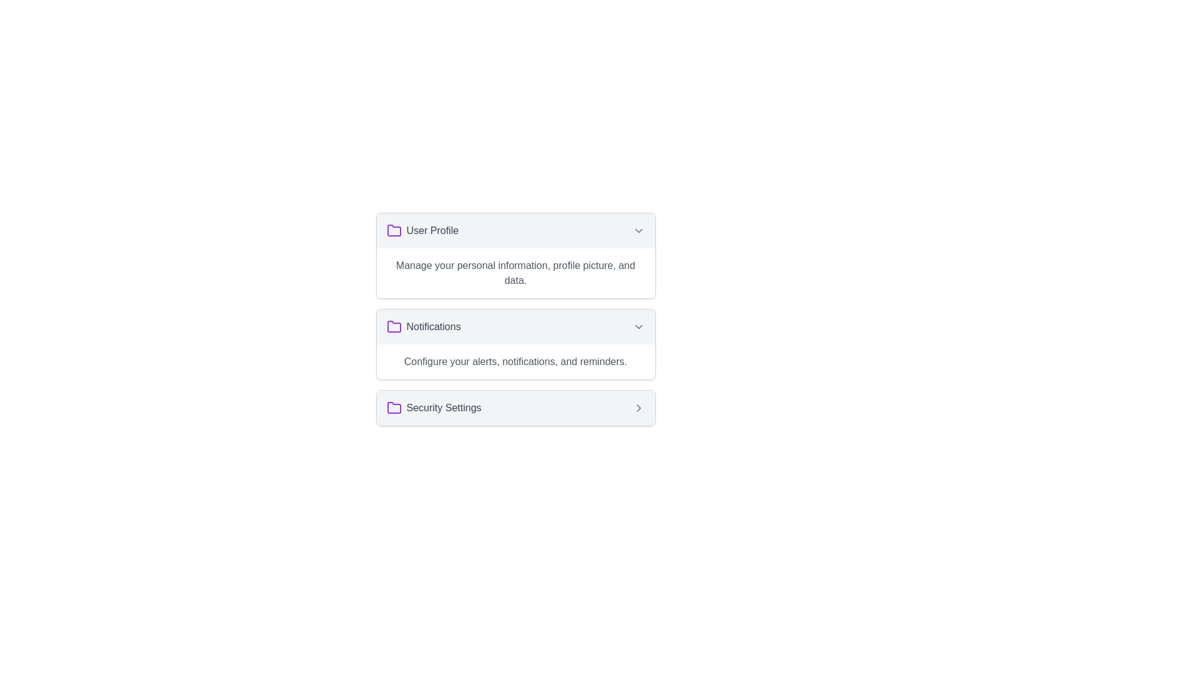  What do you see at coordinates (393, 326) in the screenshot?
I see `the folder icon with a purple outline and rounded edges, located to the left of the 'Notifications' text label` at bounding box center [393, 326].